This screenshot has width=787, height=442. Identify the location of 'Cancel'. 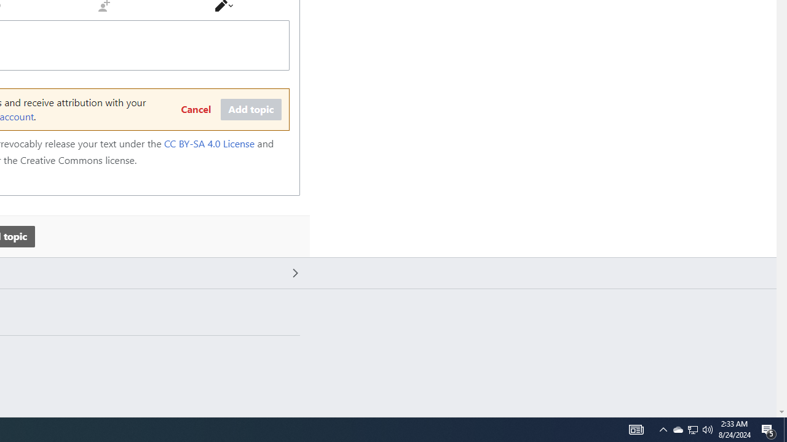
(195, 109).